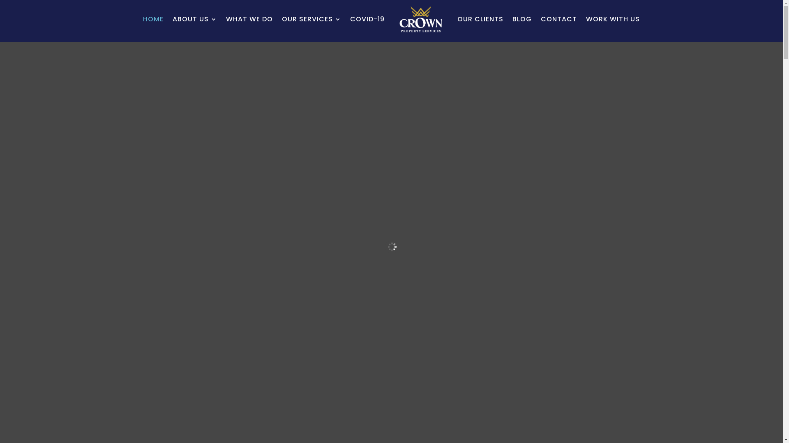  Describe the element at coordinates (249, 18) in the screenshot. I see `'WHAT WE DO'` at that location.